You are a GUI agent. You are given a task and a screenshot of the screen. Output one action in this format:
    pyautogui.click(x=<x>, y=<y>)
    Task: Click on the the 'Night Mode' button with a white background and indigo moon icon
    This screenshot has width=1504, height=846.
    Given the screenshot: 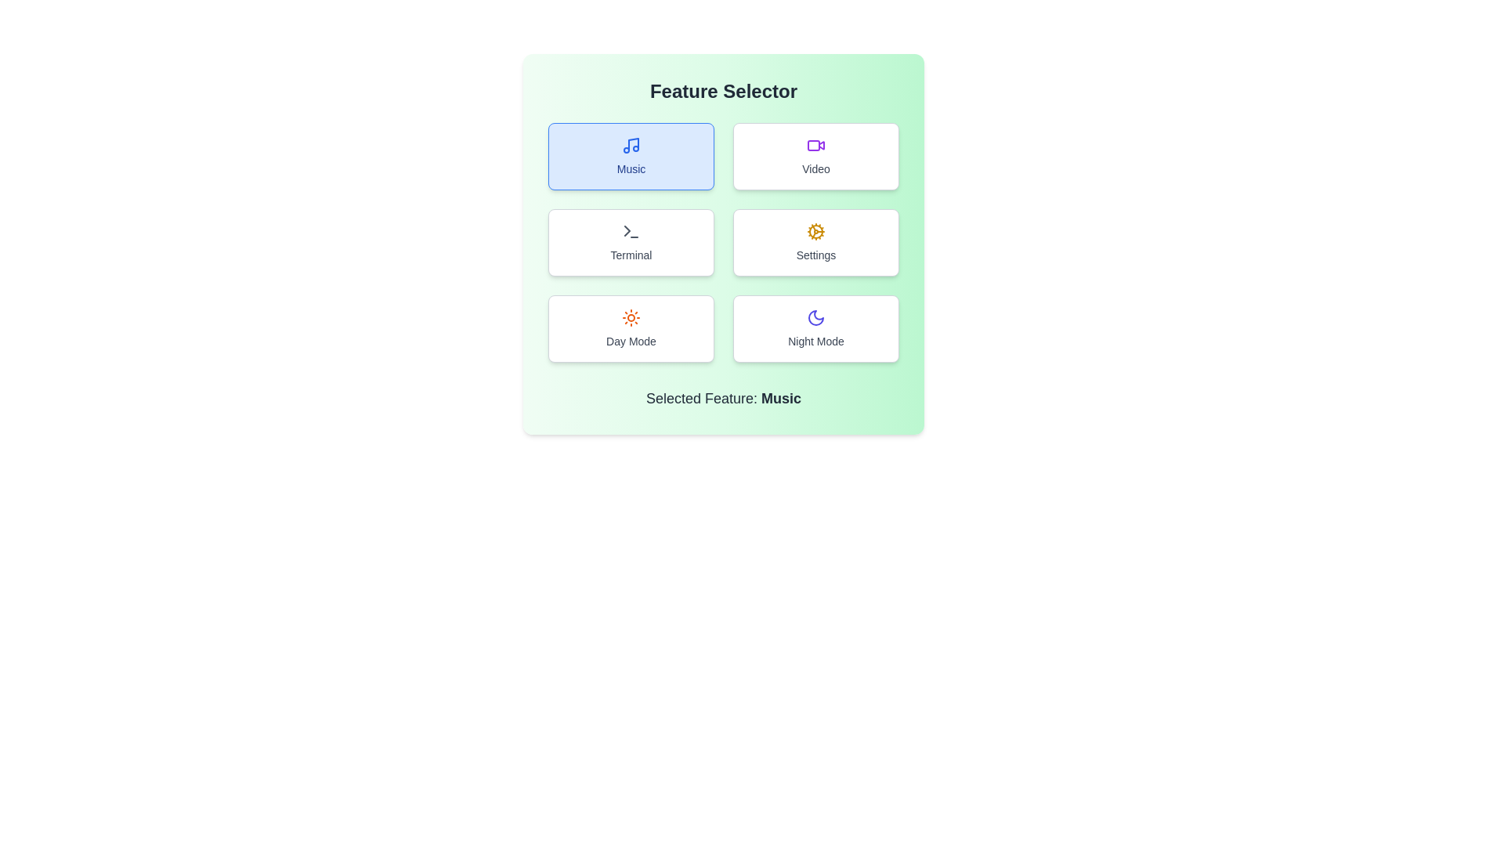 What is the action you would take?
    pyautogui.click(x=815, y=328)
    